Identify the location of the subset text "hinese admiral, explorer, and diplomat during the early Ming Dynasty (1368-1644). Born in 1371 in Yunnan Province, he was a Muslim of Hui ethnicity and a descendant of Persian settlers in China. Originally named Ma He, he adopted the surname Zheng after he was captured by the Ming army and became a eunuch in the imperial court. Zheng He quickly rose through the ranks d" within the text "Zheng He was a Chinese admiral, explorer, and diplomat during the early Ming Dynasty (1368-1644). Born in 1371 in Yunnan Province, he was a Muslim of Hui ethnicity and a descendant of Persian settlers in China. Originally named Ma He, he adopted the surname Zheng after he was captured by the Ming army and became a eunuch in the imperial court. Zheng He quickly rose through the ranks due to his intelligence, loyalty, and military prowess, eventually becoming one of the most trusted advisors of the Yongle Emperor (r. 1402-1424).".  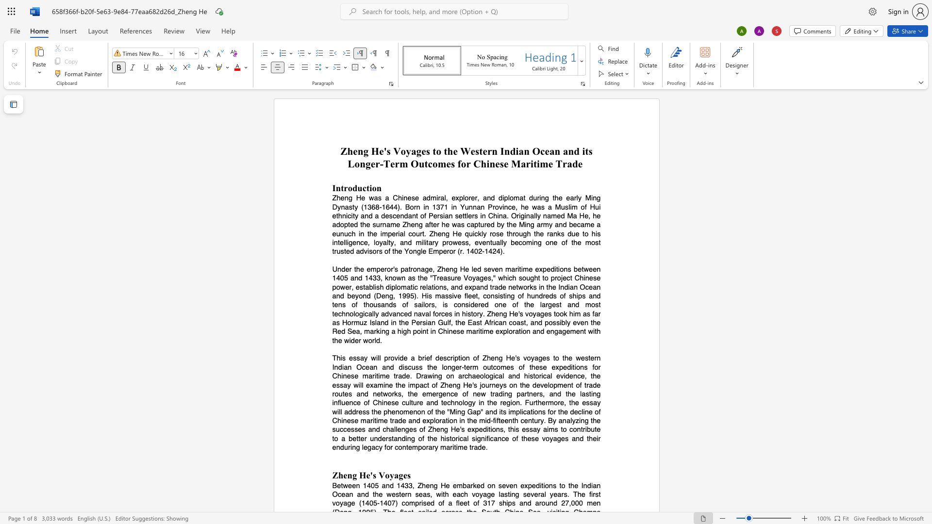
(398, 197).